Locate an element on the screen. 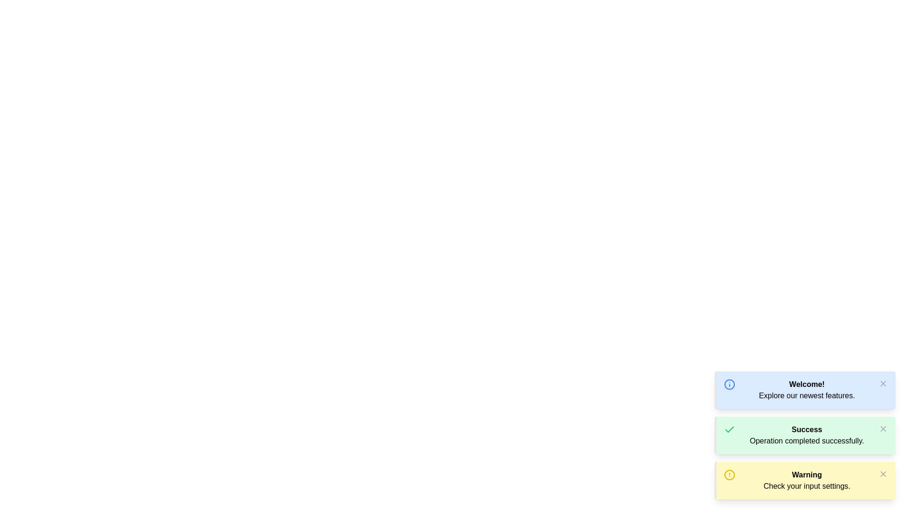 This screenshot has height=509, width=905. the center of the Close-icon, which is part of the 'X' icon located at the top-right corner of the 'Success' notification card is located at coordinates (882, 429).